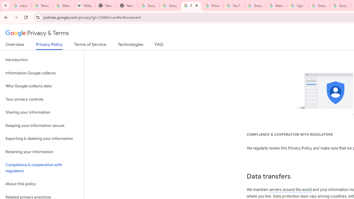 Image resolution: width=354 pixels, height=199 pixels. What do you see at coordinates (159, 45) in the screenshot?
I see `'FAQ'` at bounding box center [159, 45].